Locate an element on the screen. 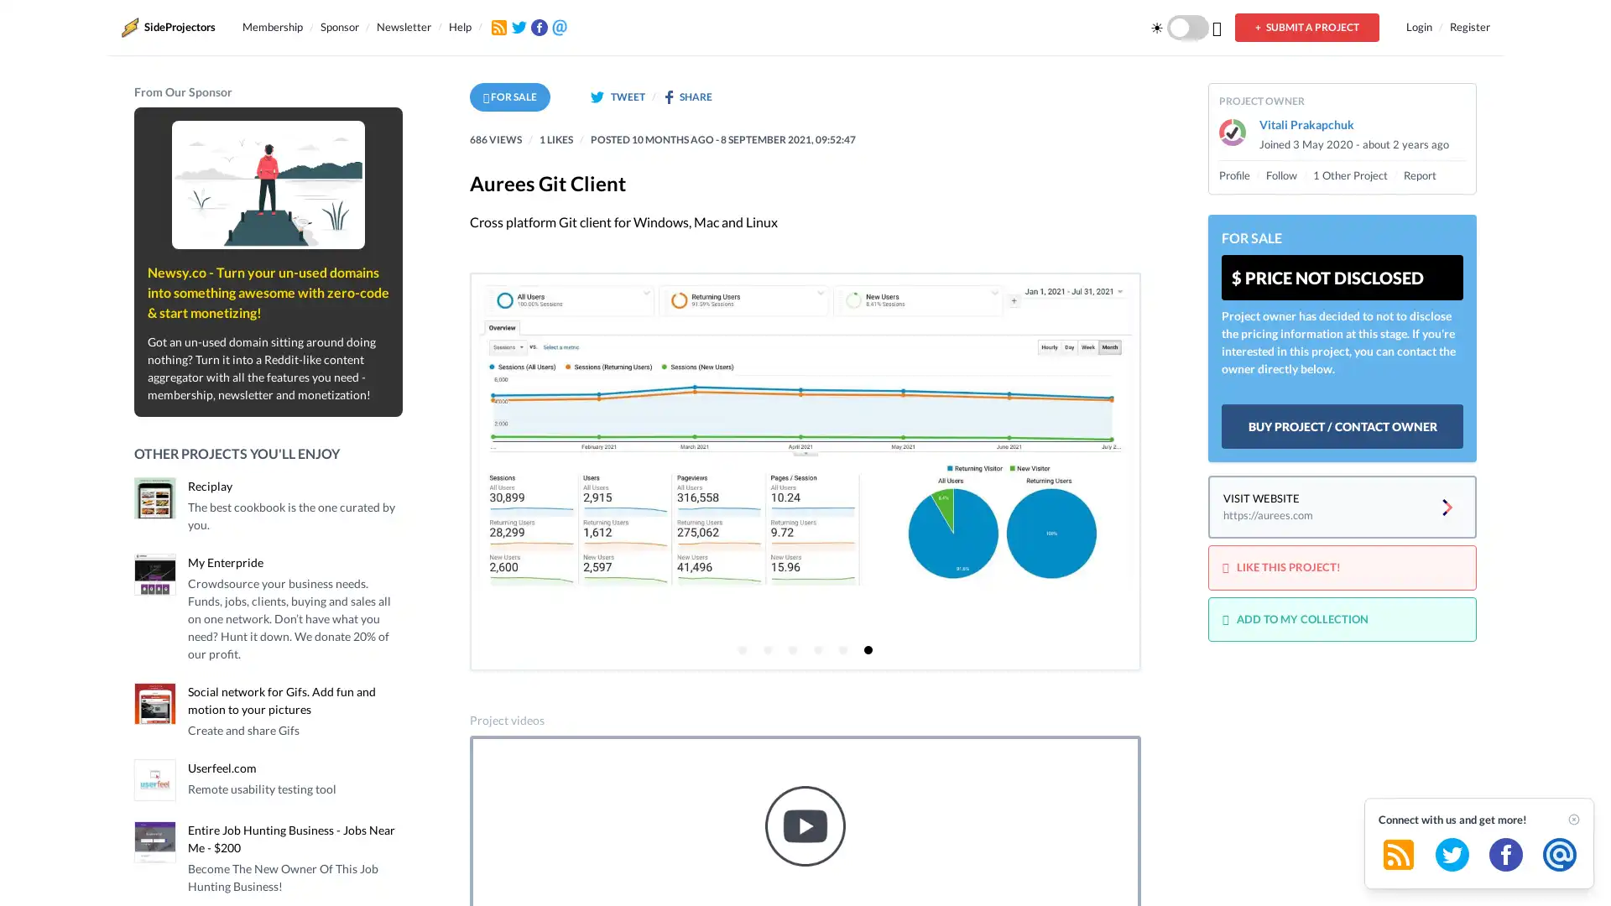 The image size is (1611, 906). Previous page is located at coordinates (470, 471).